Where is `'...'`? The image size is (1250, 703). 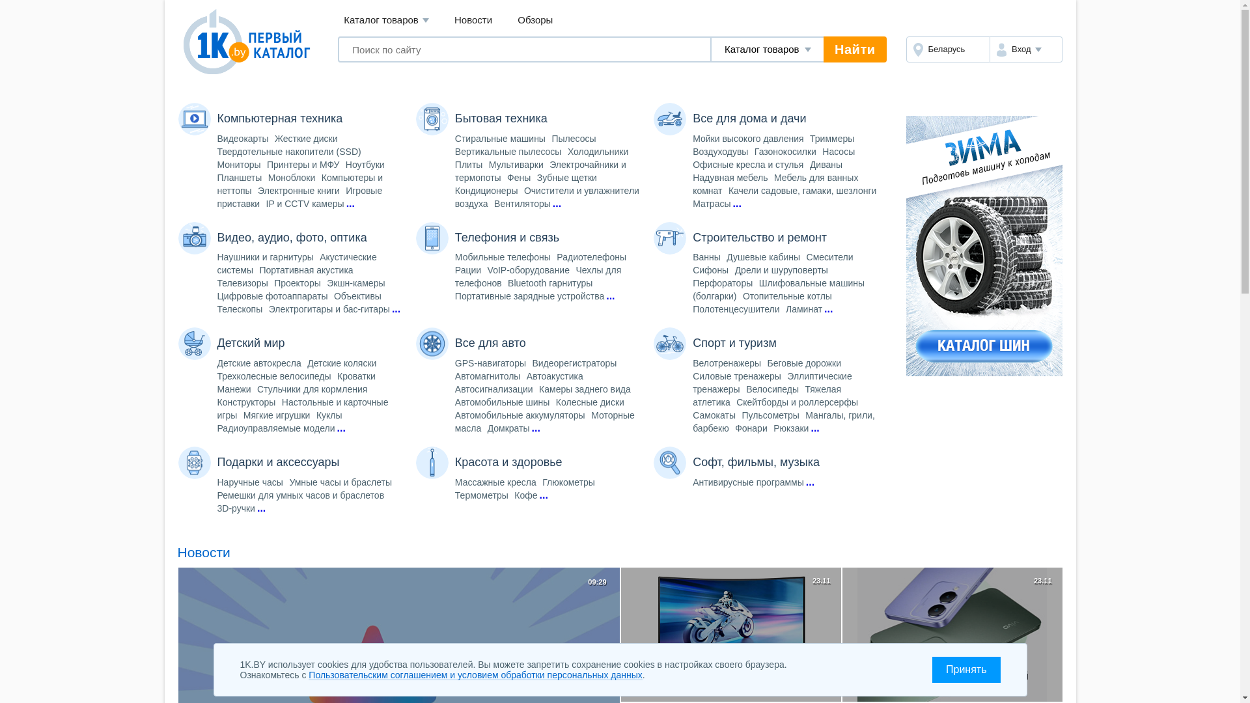 '...' is located at coordinates (553, 203).